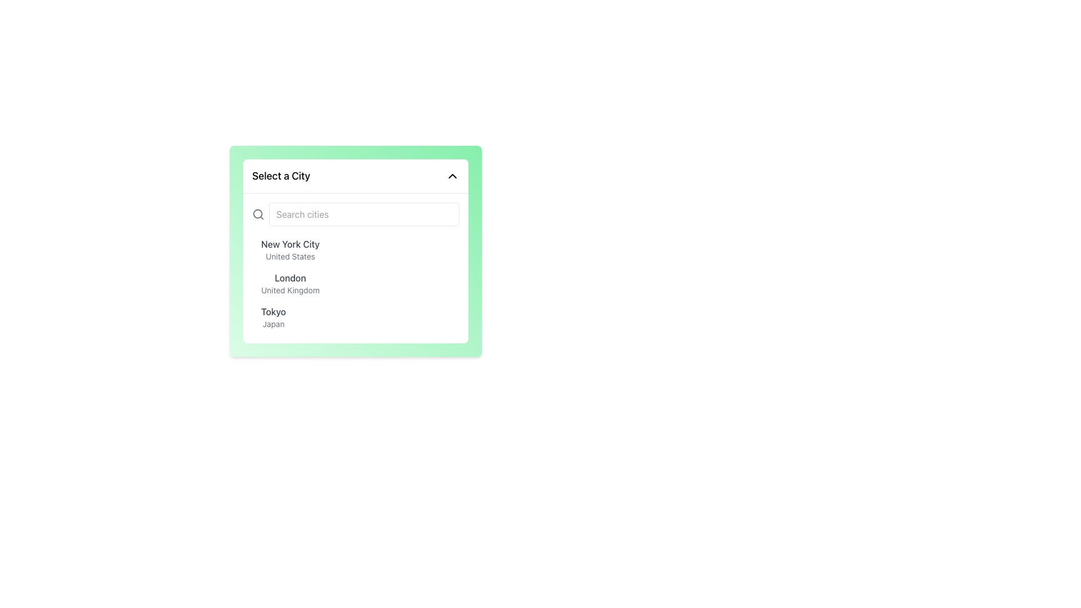  What do you see at coordinates (281, 176) in the screenshot?
I see `text 'Select a City' from the label located in the dropdown menu header` at bounding box center [281, 176].